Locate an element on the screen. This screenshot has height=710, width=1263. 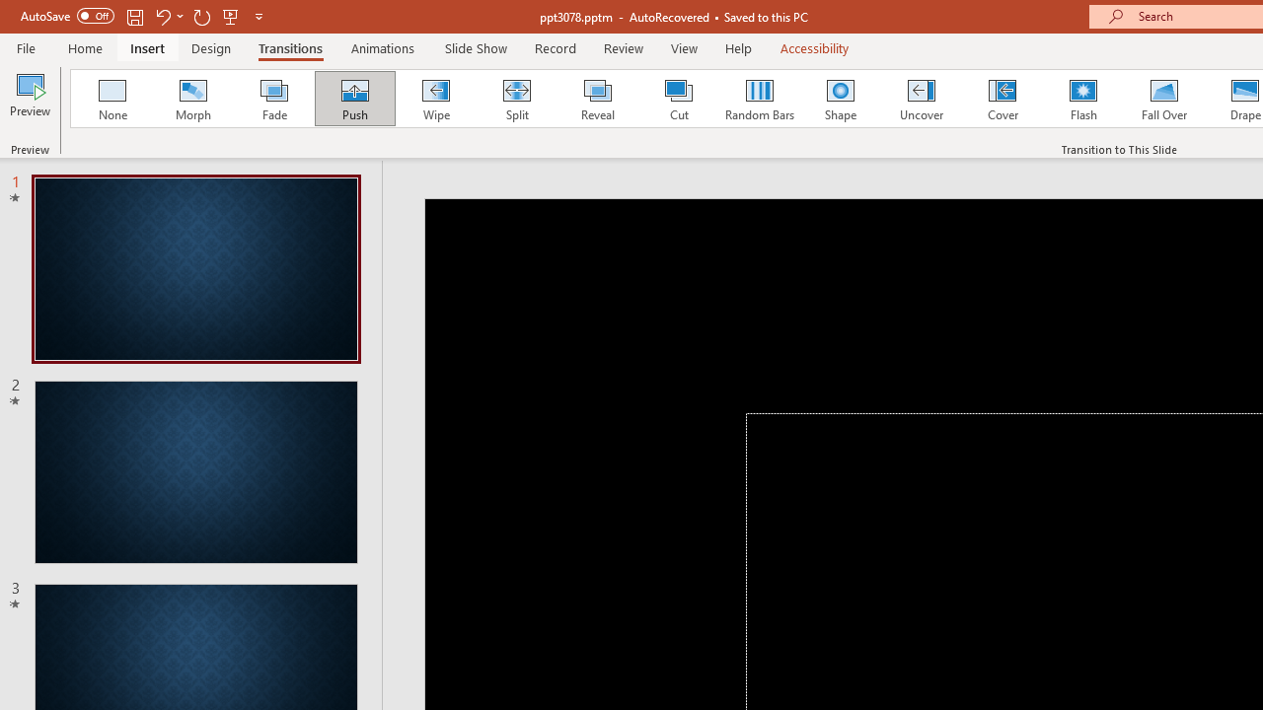
'Cover' is located at coordinates (1003, 99).